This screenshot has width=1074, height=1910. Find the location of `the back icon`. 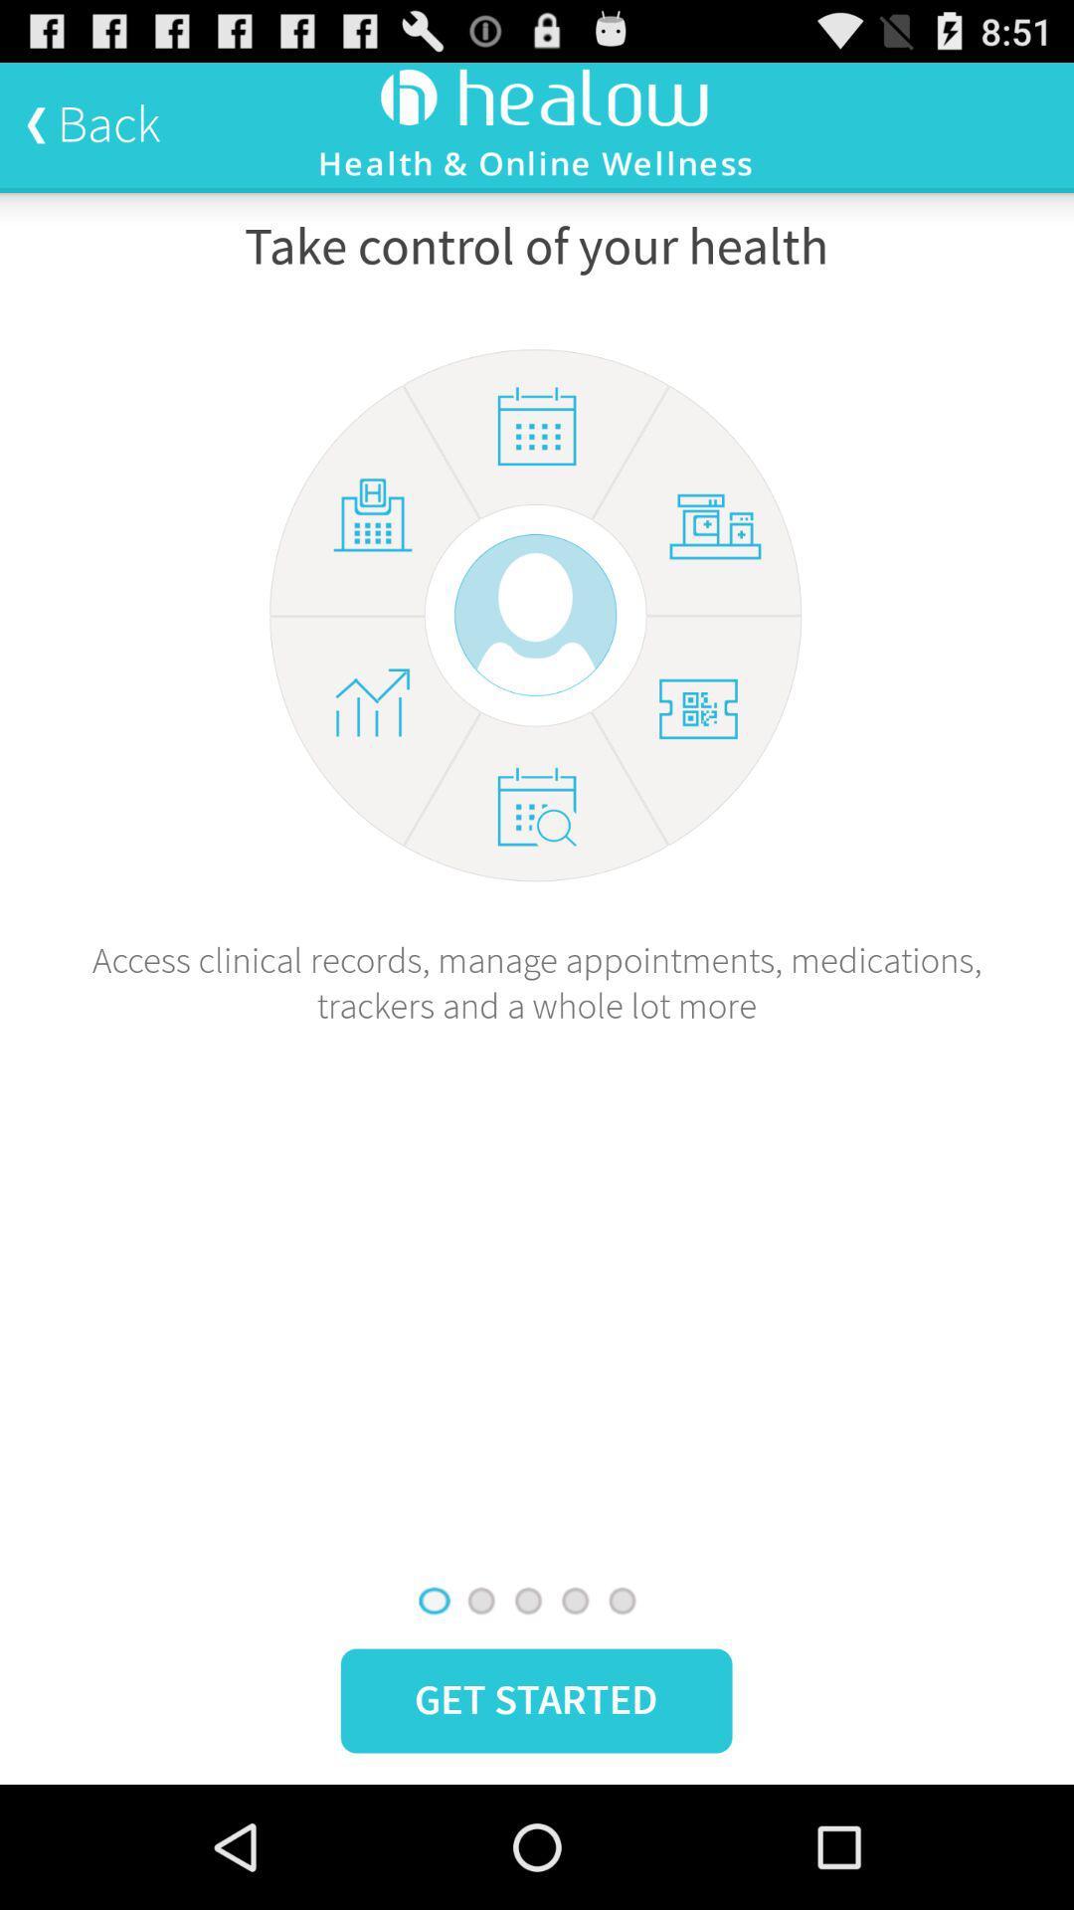

the back icon is located at coordinates (92, 123).